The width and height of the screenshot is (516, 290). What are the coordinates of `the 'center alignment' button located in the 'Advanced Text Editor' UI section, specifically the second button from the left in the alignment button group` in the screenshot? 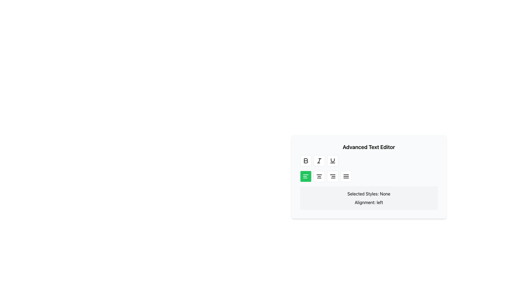 It's located at (319, 176).